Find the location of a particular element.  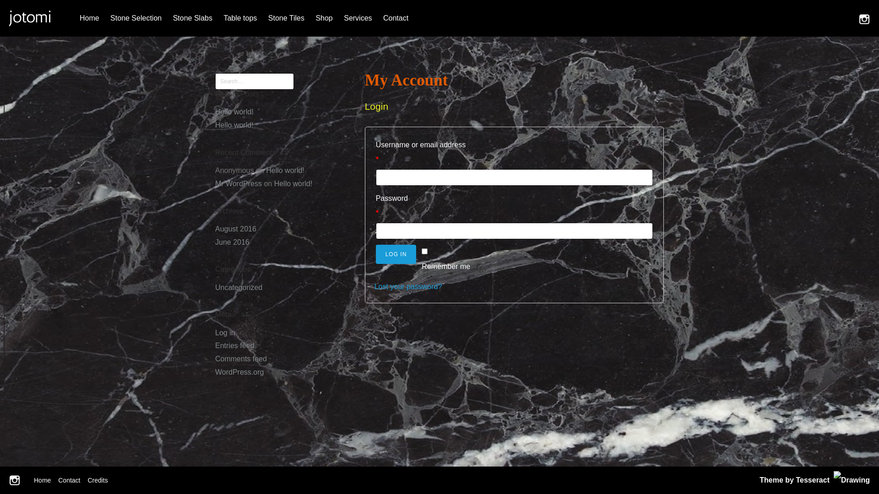

'Search for:' is located at coordinates (255, 81).